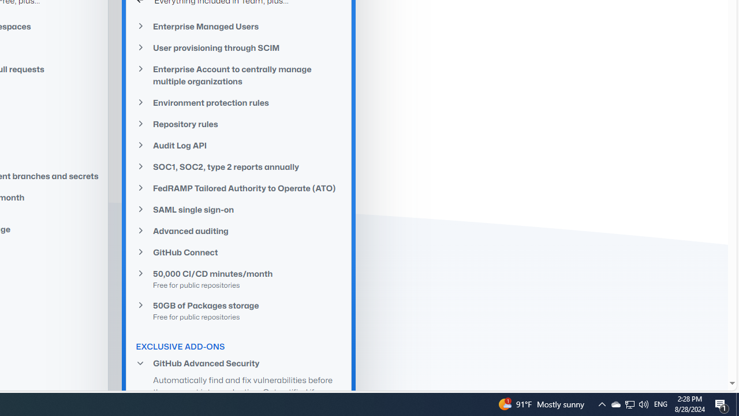 The width and height of the screenshot is (739, 416). I want to click on 'GitHub Connect', so click(238, 251).